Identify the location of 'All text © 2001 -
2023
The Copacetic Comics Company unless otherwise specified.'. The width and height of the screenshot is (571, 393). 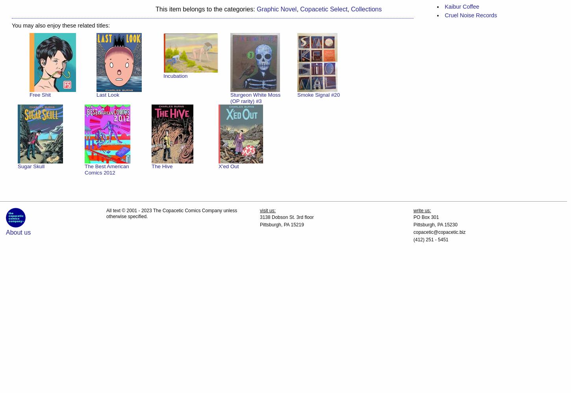
(171, 213).